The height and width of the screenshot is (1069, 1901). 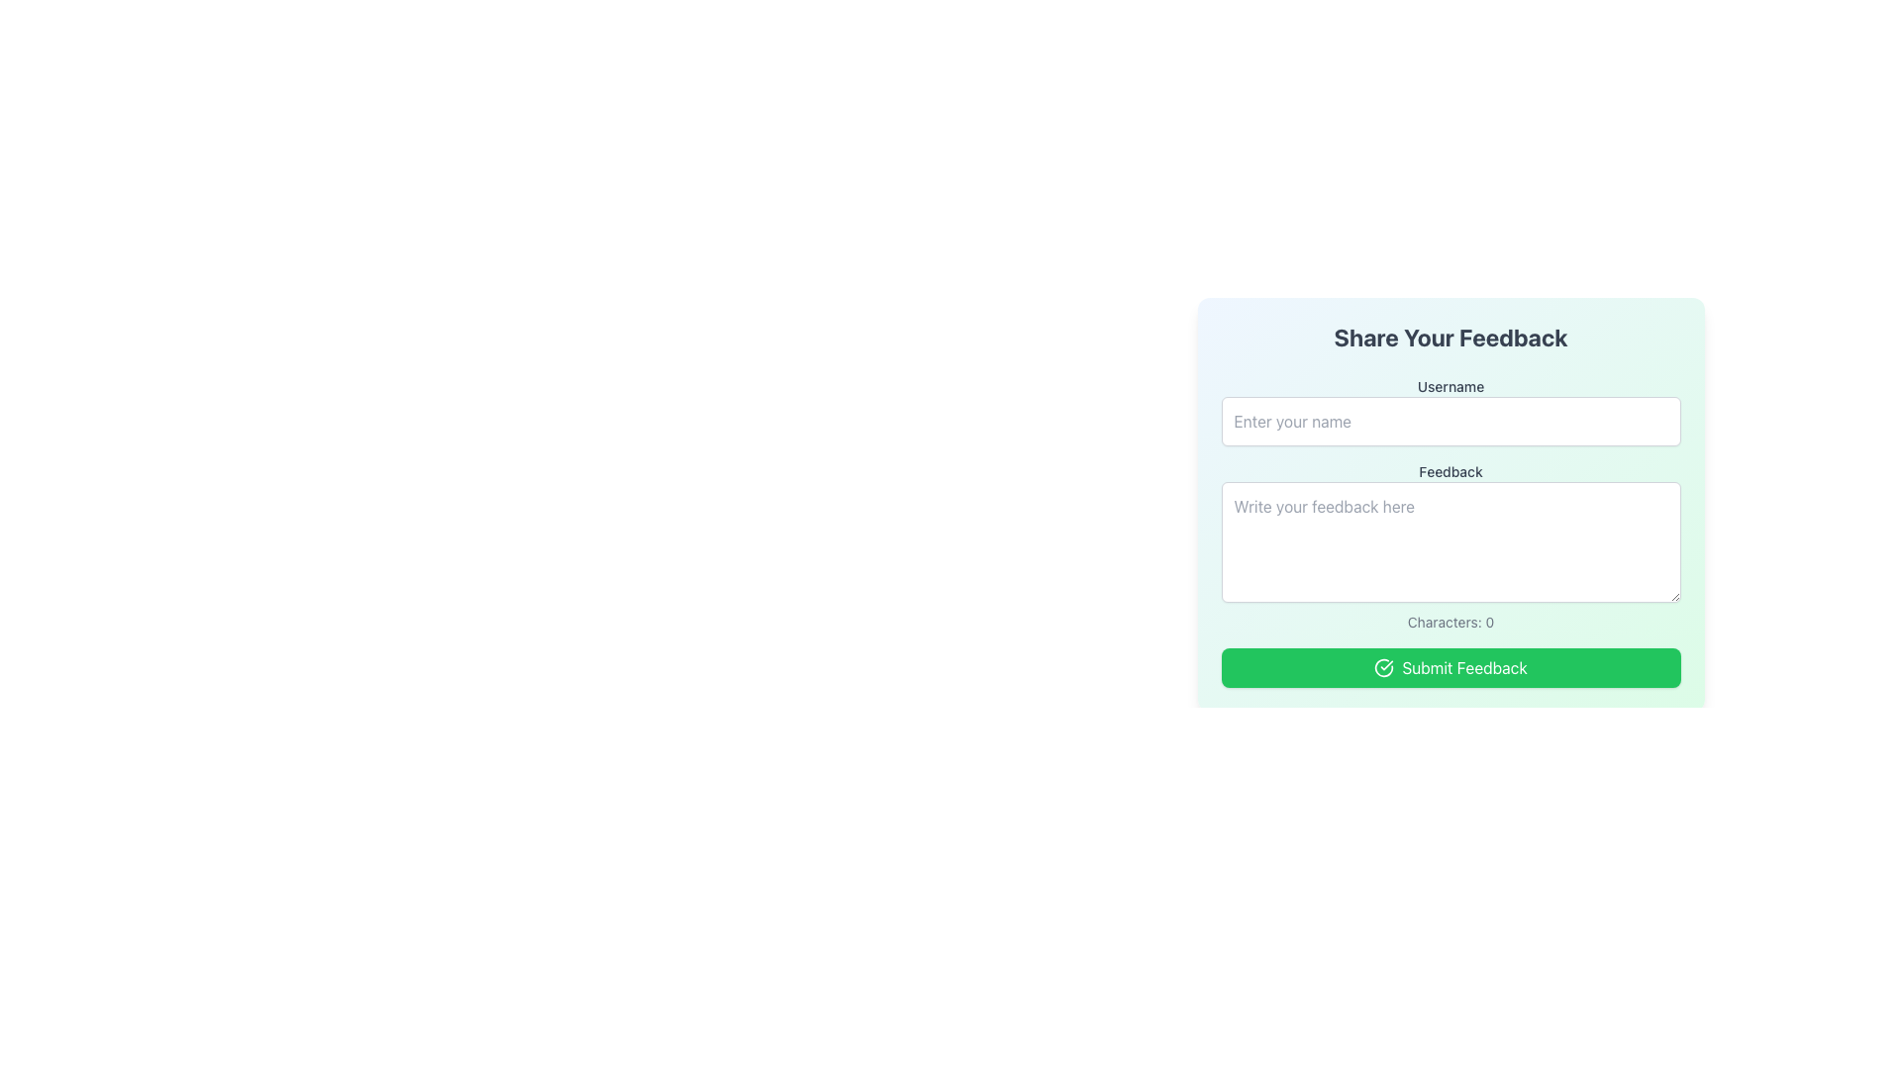 What do you see at coordinates (1383, 668) in the screenshot?
I see `the confirmation icon within the 'Submit Feedback' button, which is positioned towards the left side near the edge of the text label` at bounding box center [1383, 668].